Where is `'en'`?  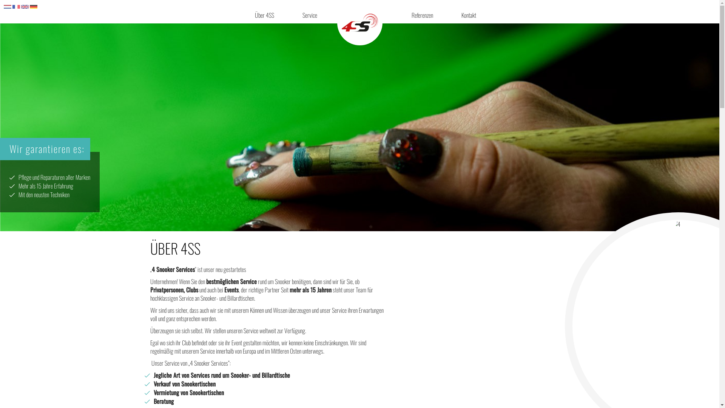 'en' is located at coordinates (25, 8).